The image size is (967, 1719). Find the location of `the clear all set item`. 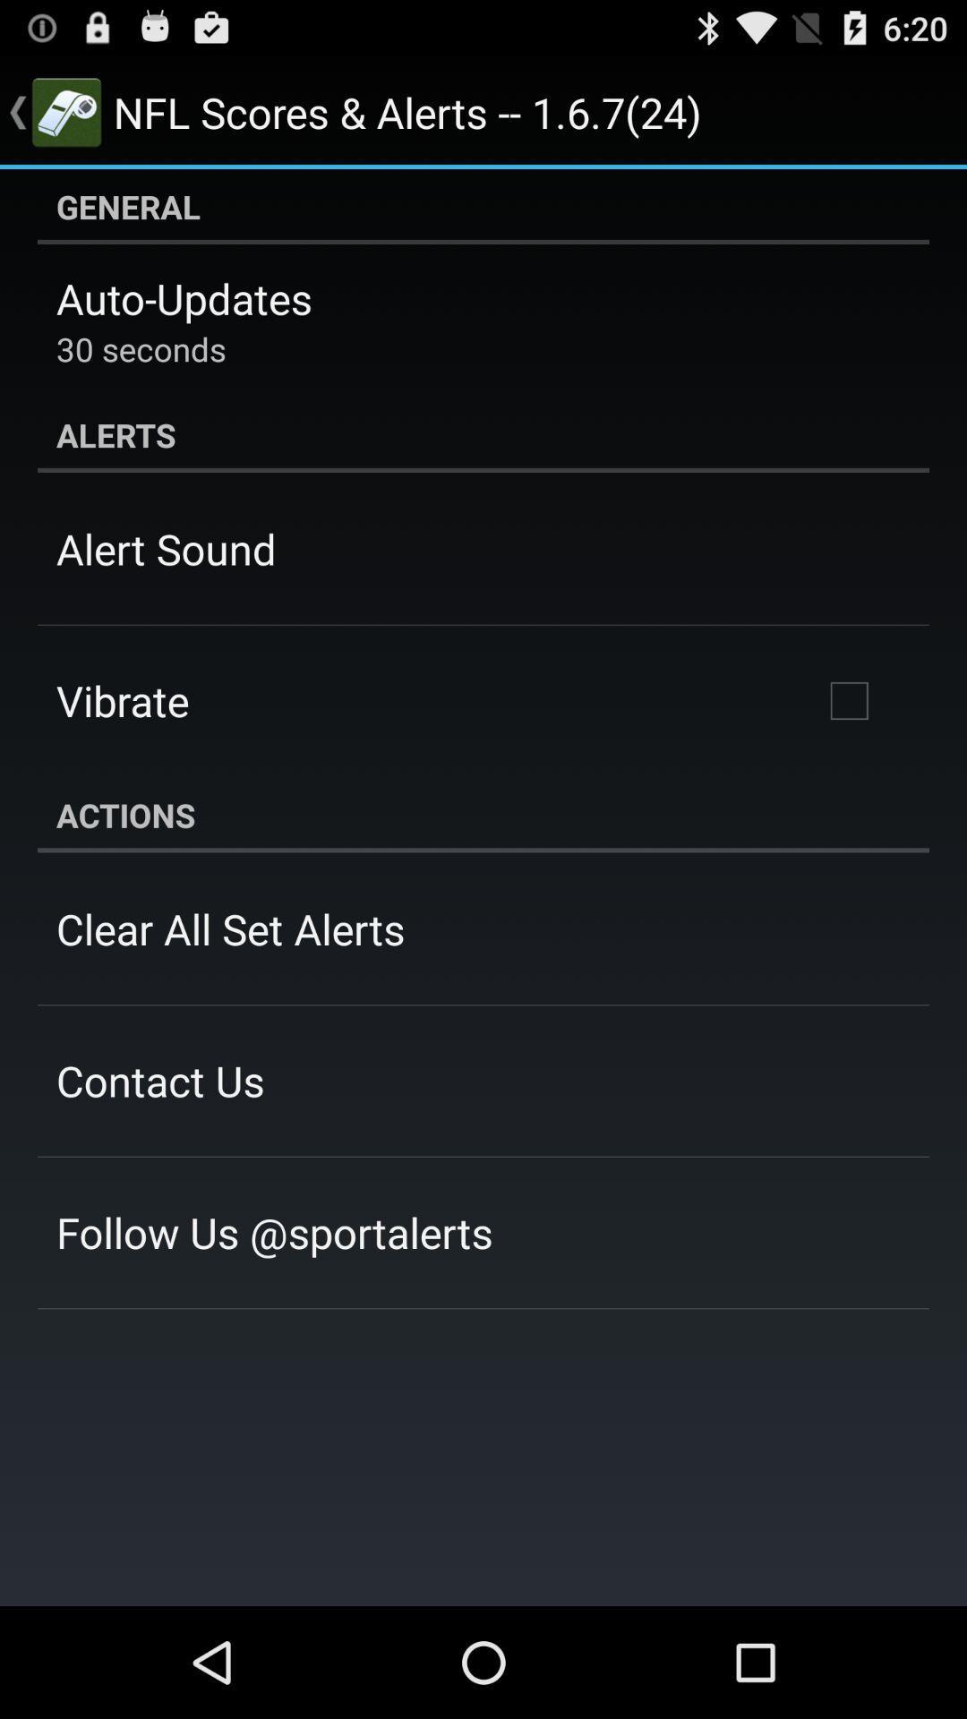

the clear all set item is located at coordinates (229, 928).